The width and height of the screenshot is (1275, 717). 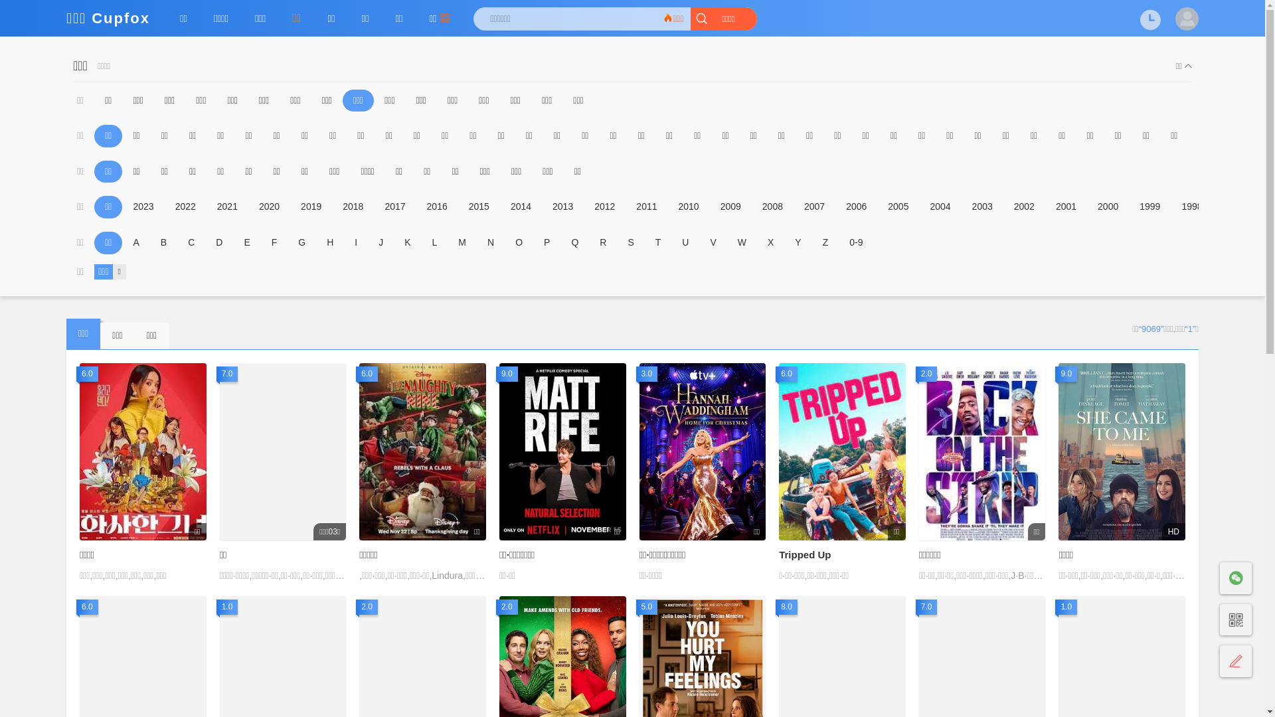 What do you see at coordinates (772, 207) in the screenshot?
I see `'2008'` at bounding box center [772, 207].